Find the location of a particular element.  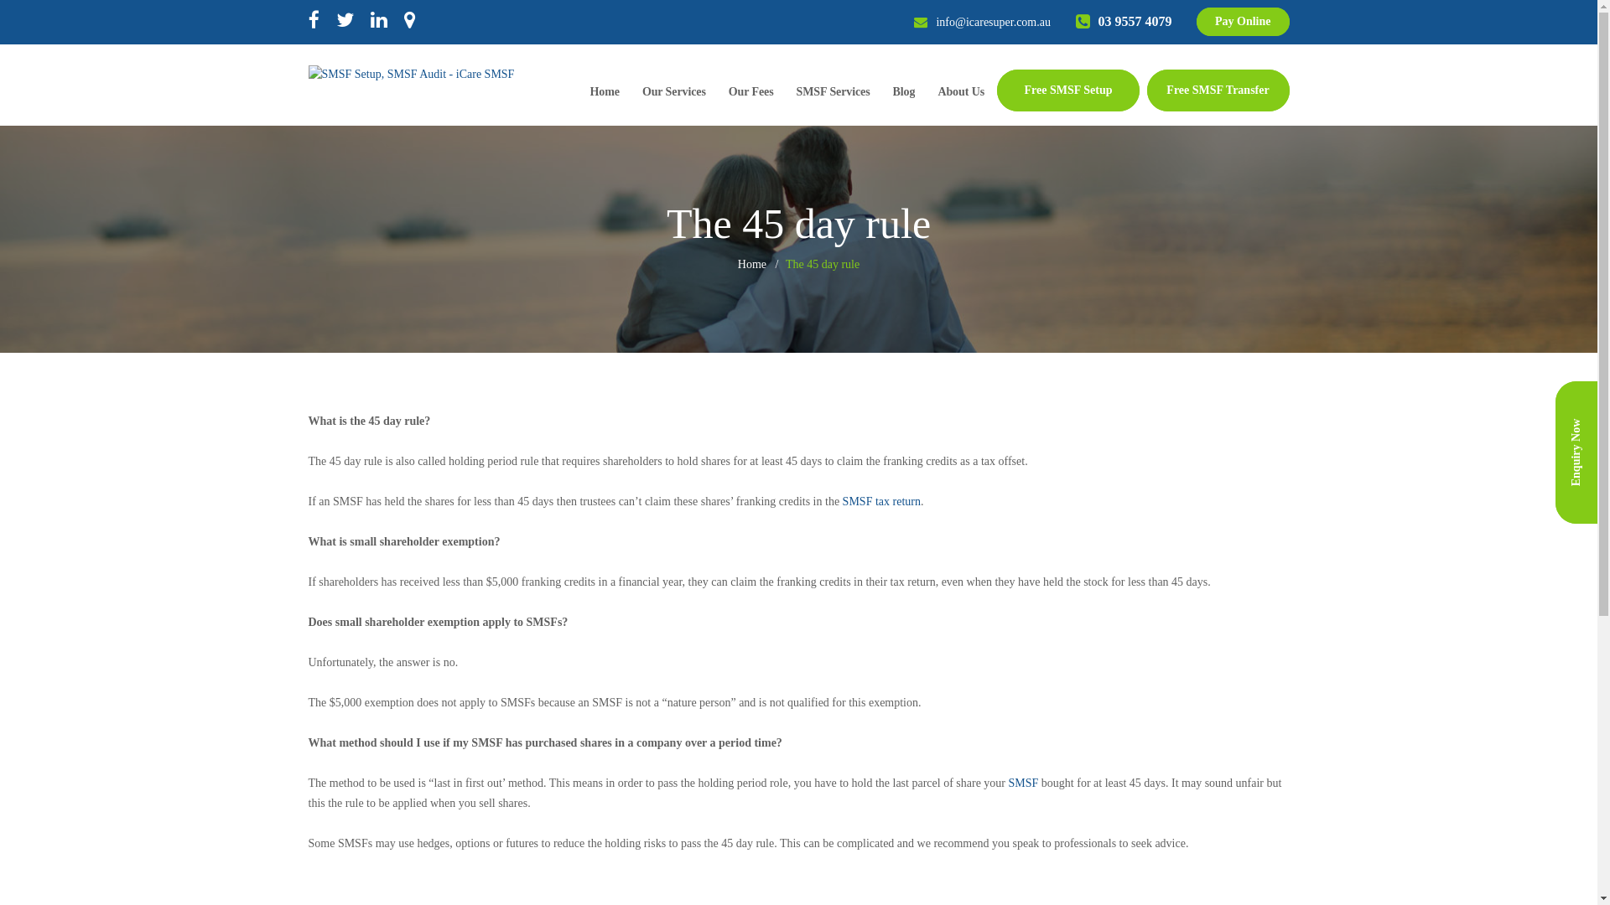

'Our Fees' is located at coordinates (750, 94).